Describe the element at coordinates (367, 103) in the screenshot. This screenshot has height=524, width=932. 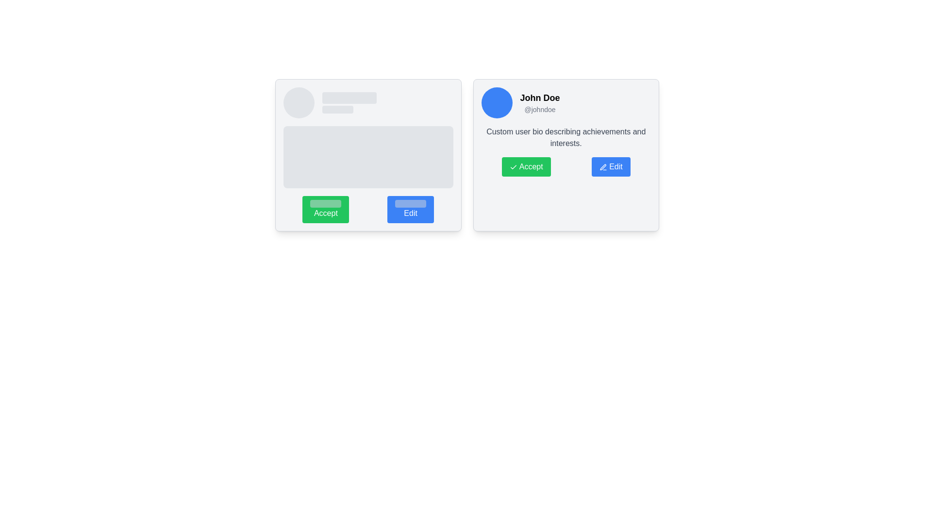
I see `the Placeholder component located at the top portion of a card-like structure, which serves as a visual placeholder for content such as a profile image and name` at that location.